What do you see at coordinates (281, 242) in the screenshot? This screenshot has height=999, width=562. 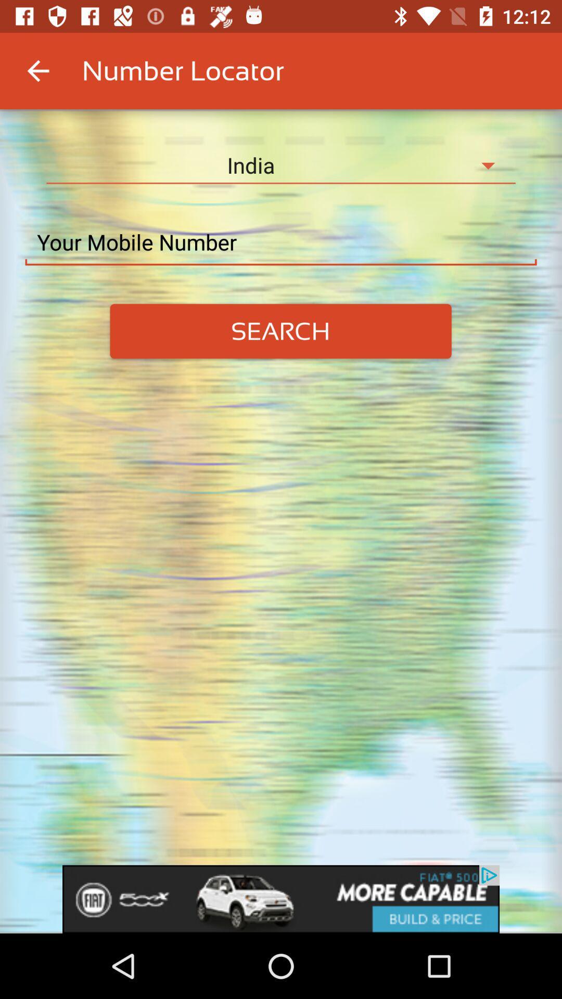 I see `type mobile number` at bounding box center [281, 242].